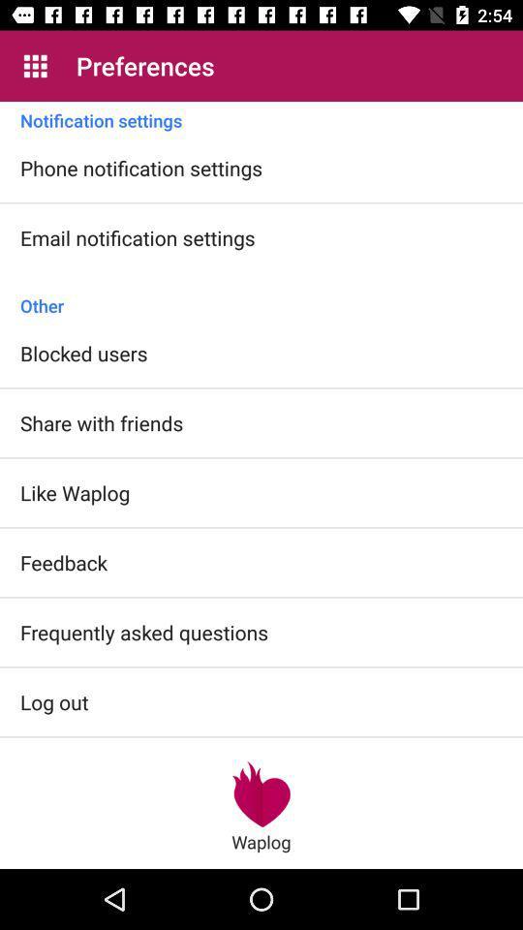 The image size is (523, 930). I want to click on icon below frequently asked questions item, so click(261, 793).